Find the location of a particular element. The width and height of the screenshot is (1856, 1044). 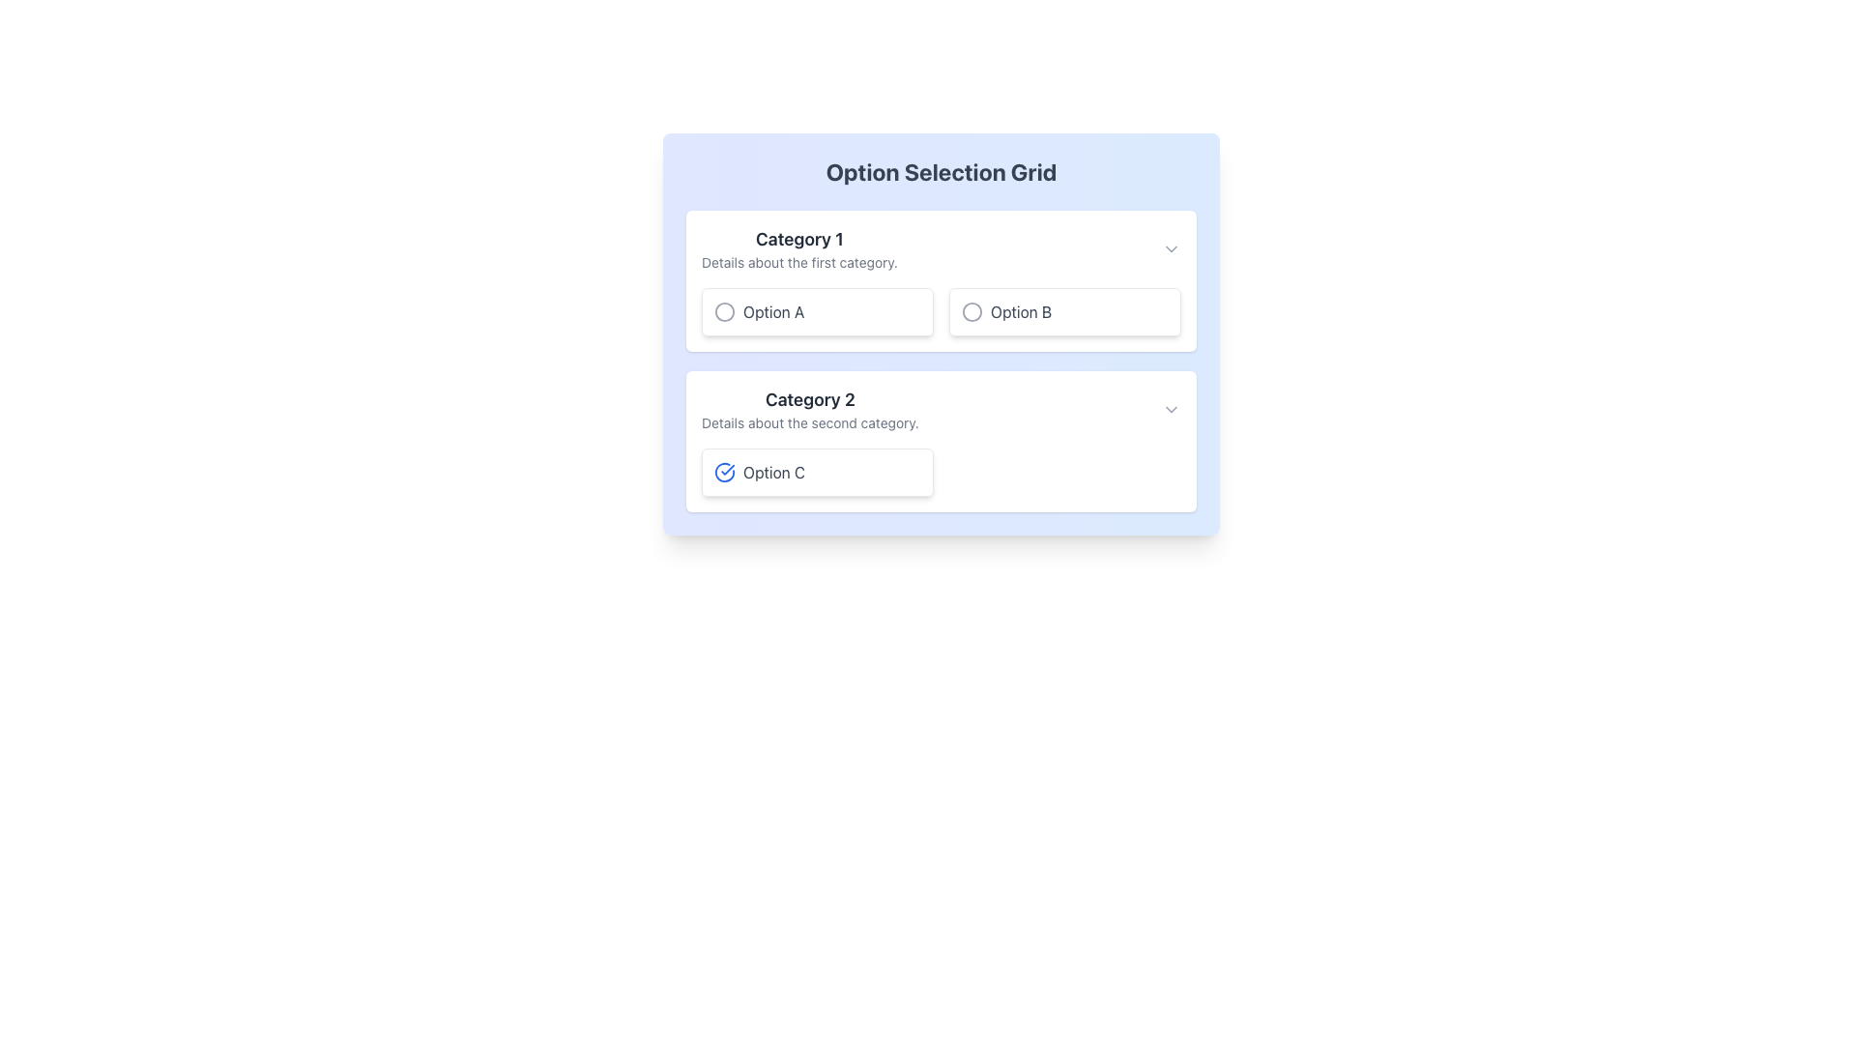

the radio button for 'Option A' located in the top left quadrant of the interface, which serves as an indicator for selection or deselection functionality is located at coordinates (723, 311).